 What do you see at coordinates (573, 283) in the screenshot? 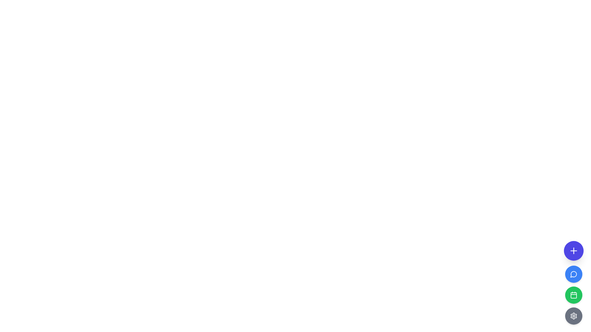
I see `the second circular blue button with a speech bubble icon` at bounding box center [573, 283].